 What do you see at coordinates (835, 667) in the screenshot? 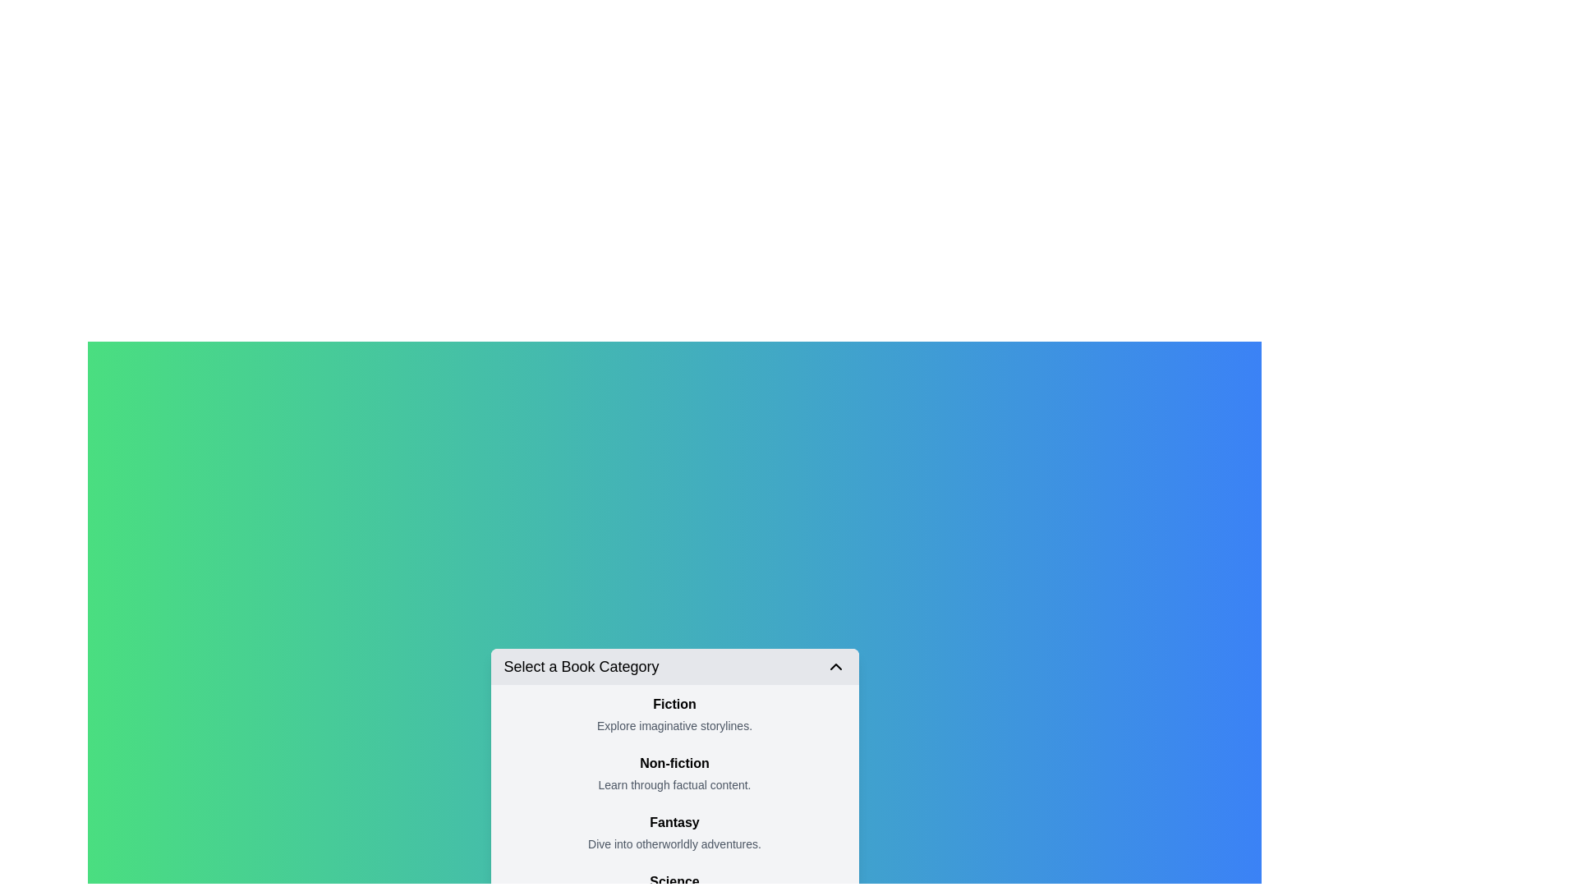
I see `the toggle button located in the top-right corner of the gray rectangular section labeled 'Select a Book Category'` at bounding box center [835, 667].